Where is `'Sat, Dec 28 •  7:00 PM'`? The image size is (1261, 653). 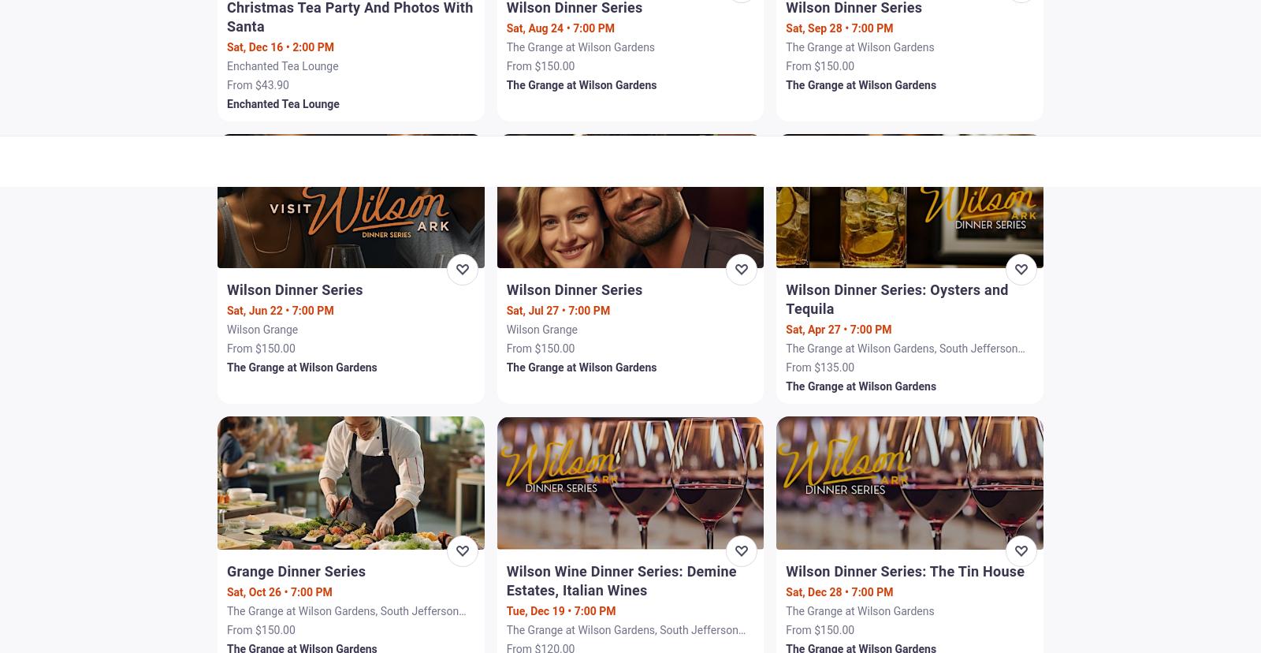 'Sat, Dec 28 •  7:00 PM' is located at coordinates (839, 591).